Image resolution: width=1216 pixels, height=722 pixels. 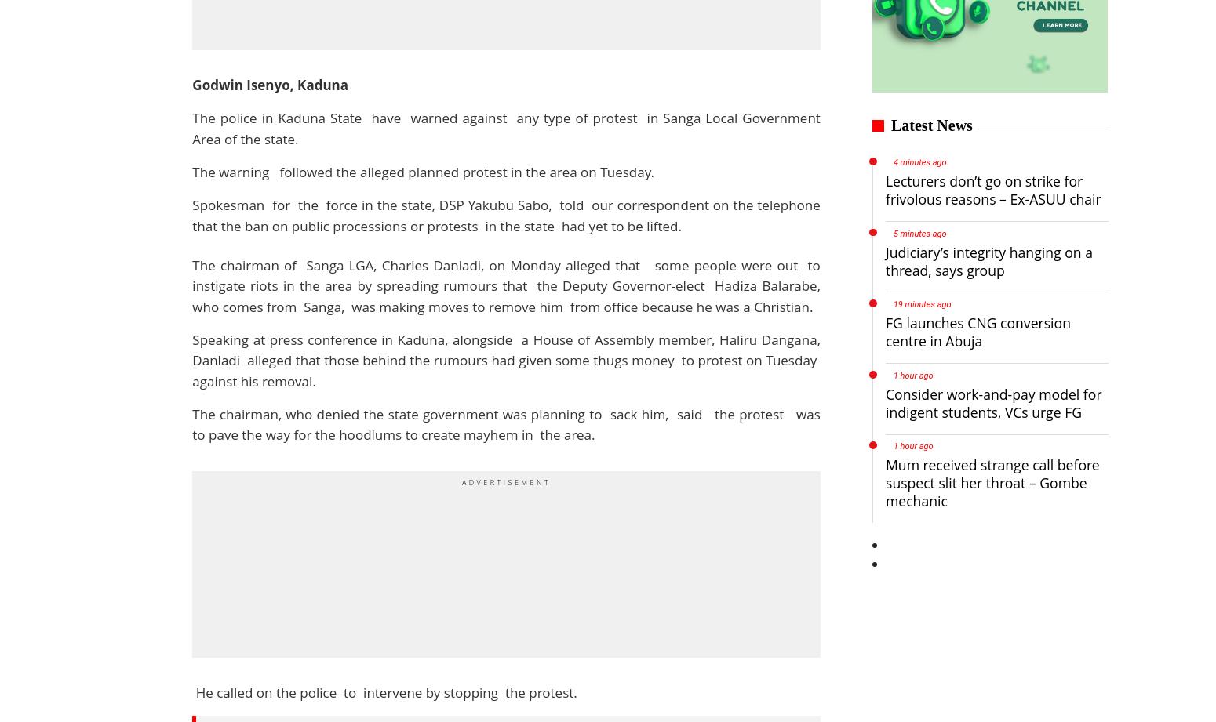 What do you see at coordinates (358, 10) in the screenshot?
I see `'Access over 40,000 games, from BBNaija to all ranges of virtual games.'` at bounding box center [358, 10].